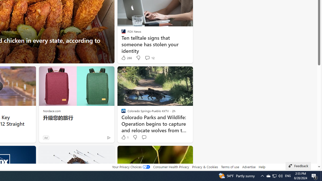  I want to click on '1 Like', so click(125, 137).